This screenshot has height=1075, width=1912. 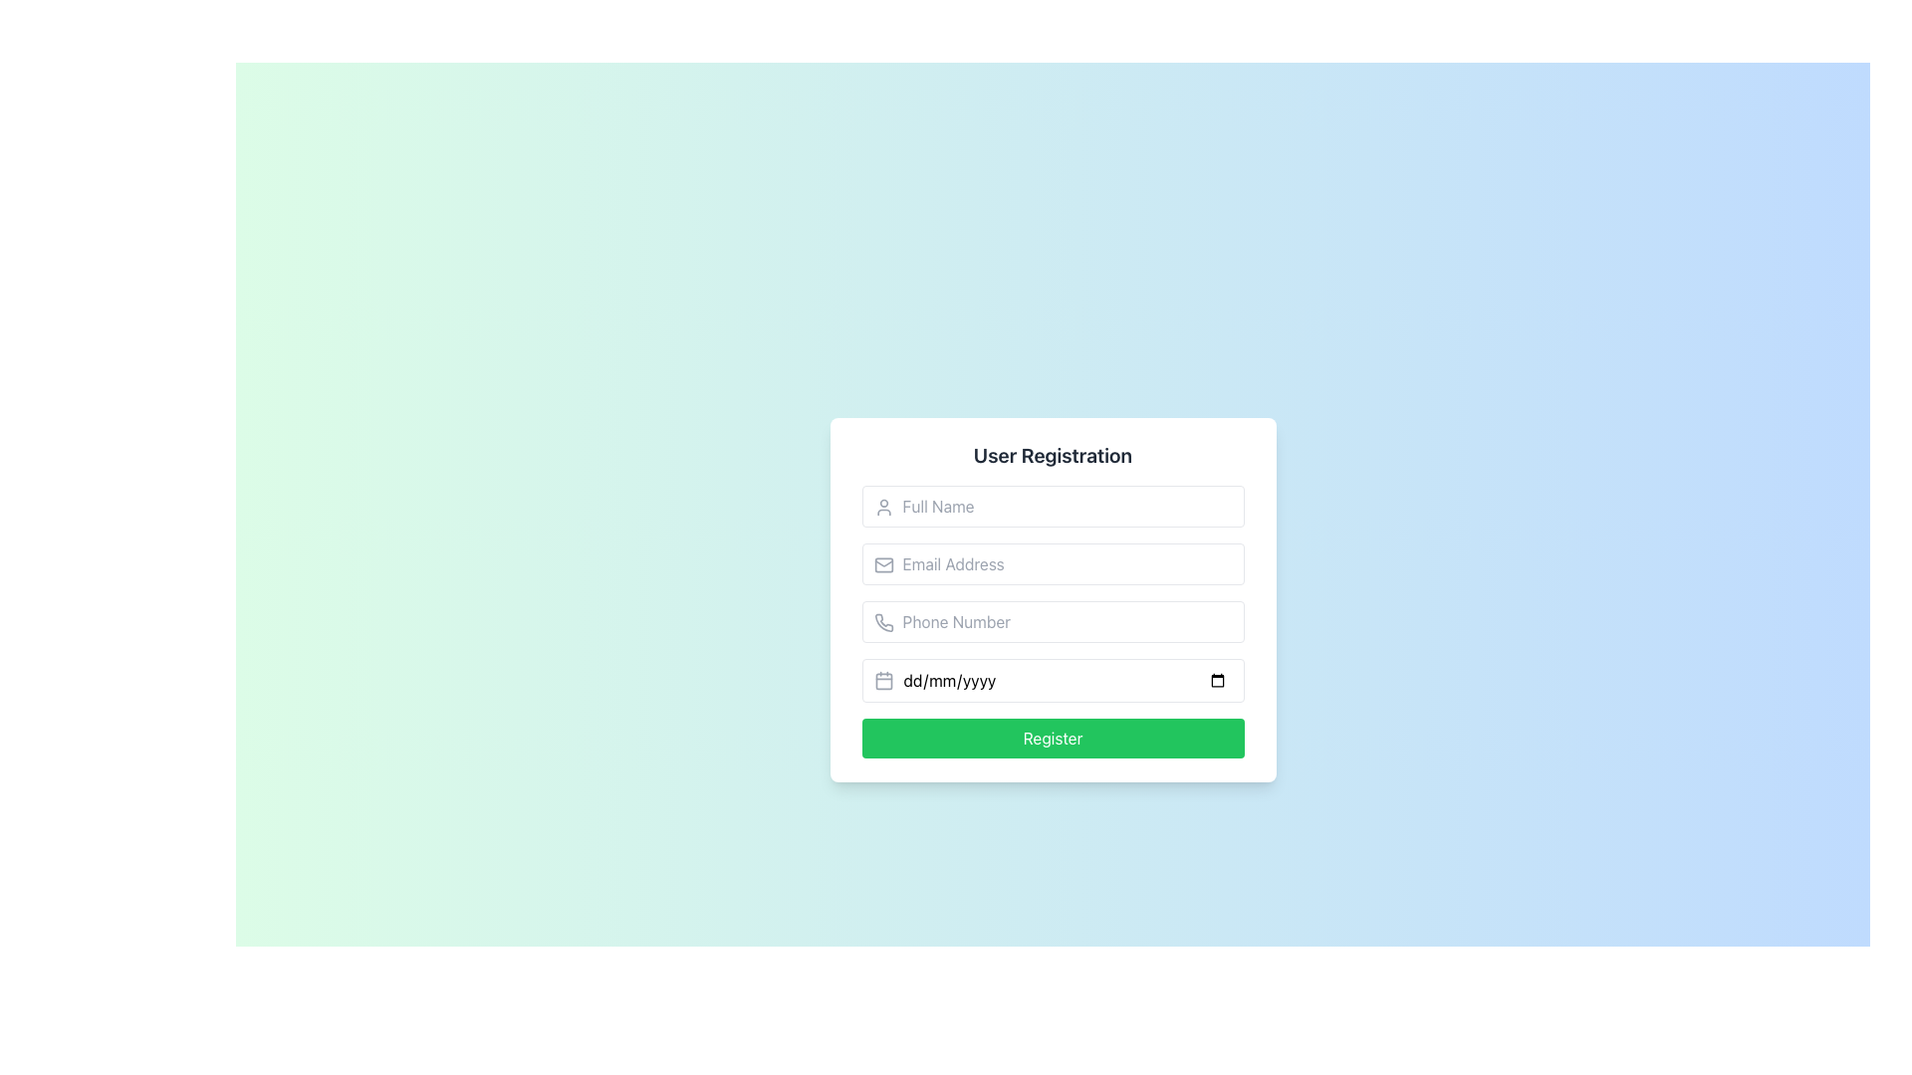 What do you see at coordinates (882, 679) in the screenshot?
I see `the decorative icon located in the top-left corner of the date input field, which visually indicates the purpose of the associated text input for date entry` at bounding box center [882, 679].